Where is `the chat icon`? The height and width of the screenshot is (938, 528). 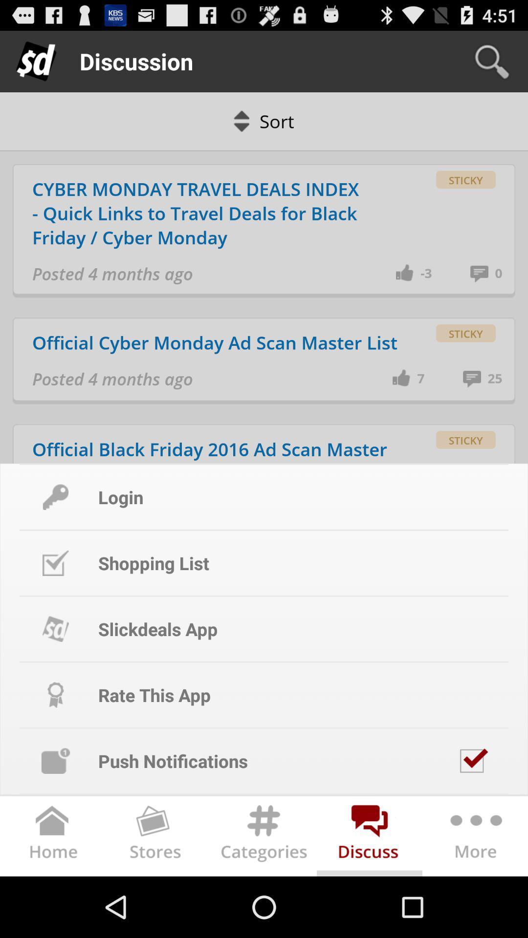 the chat icon is located at coordinates (370, 897).